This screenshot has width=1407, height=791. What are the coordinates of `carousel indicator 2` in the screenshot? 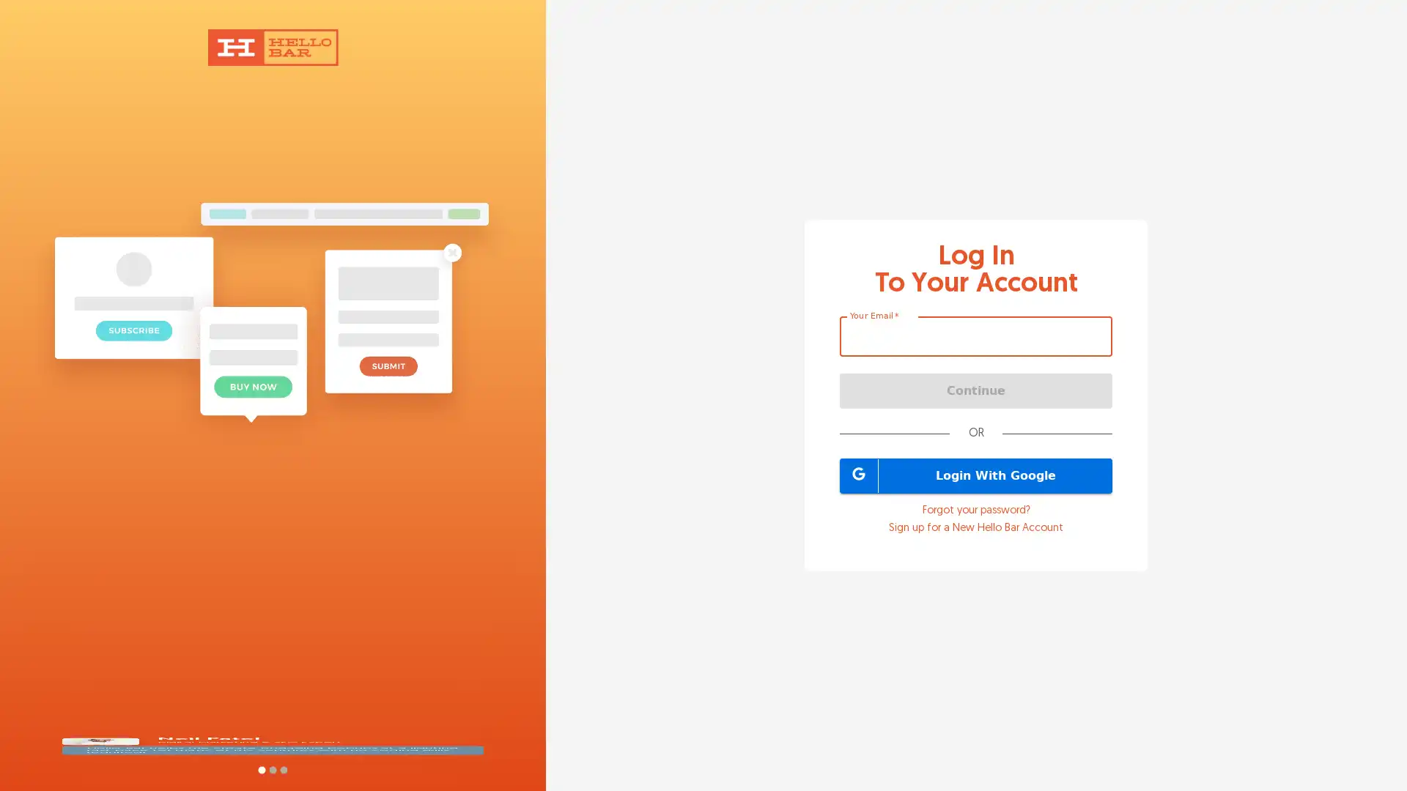 It's located at (272, 769).